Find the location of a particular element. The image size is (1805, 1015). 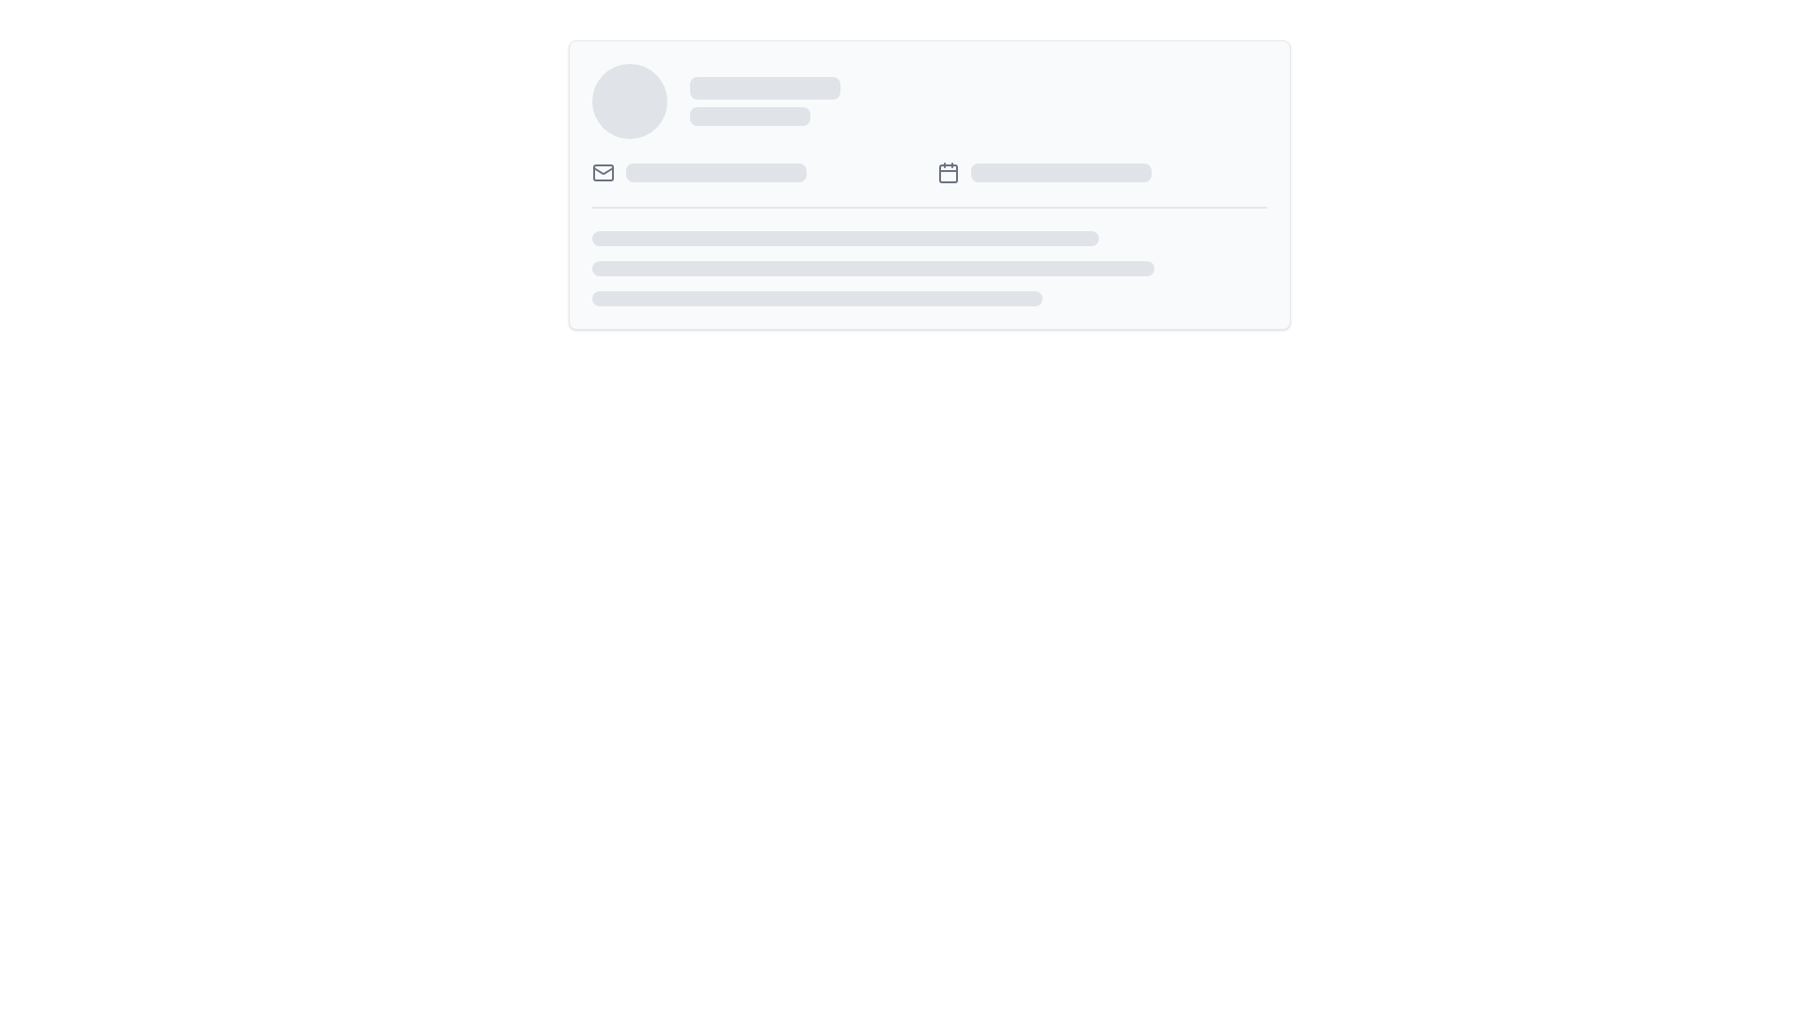

the Skeleton Placeholder, which is a vertical stack of three gray rounded rectangles located at the bottom of a bordered rectangular card with a light background is located at coordinates (929, 268).